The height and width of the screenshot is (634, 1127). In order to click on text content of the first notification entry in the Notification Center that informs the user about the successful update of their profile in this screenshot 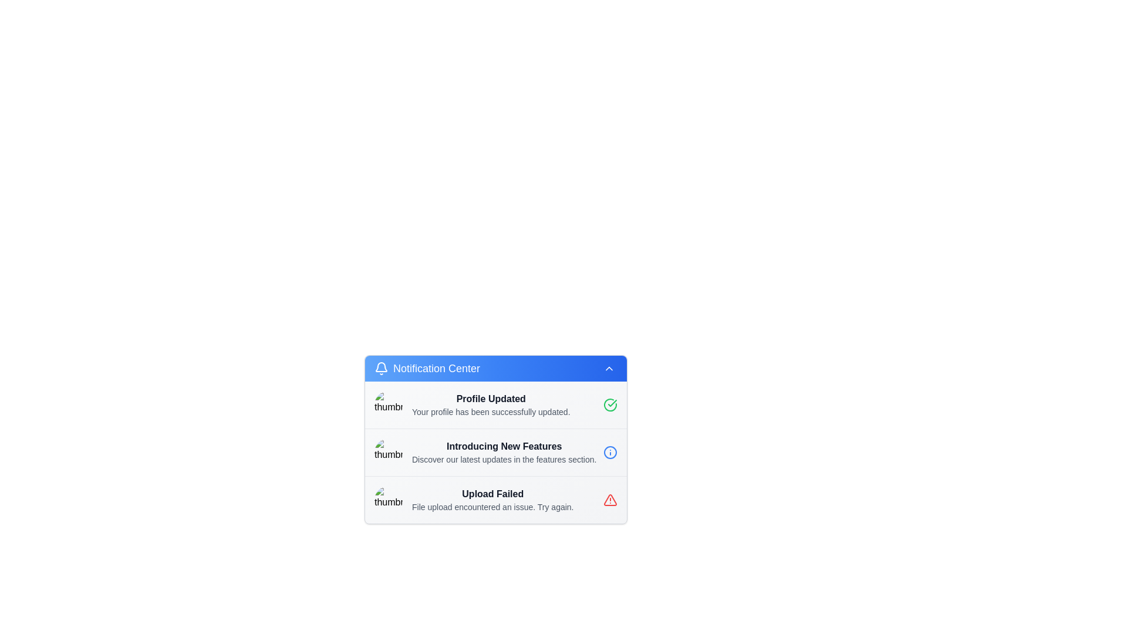, I will do `click(495, 404)`.